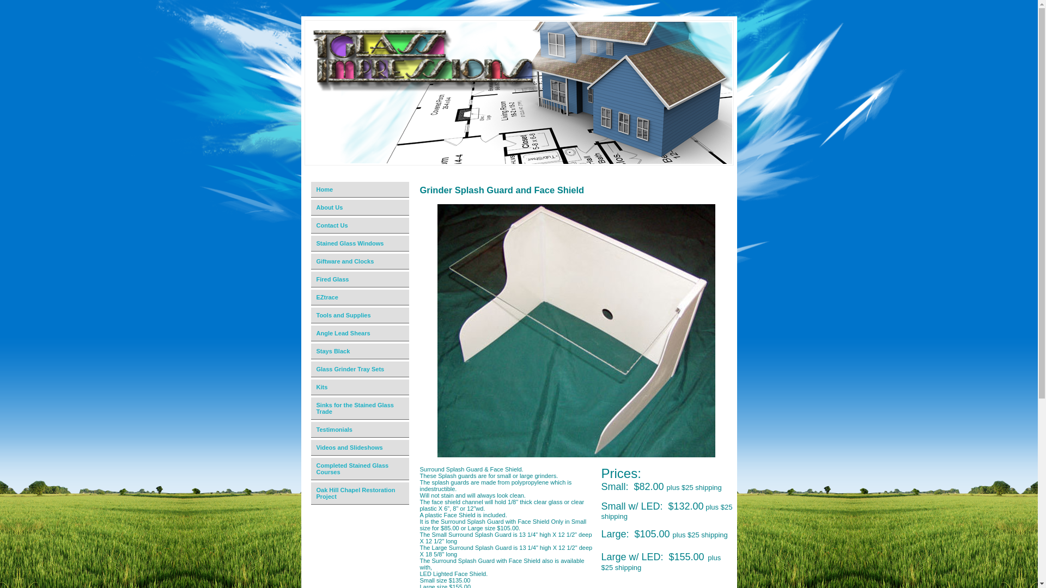 The image size is (1046, 588). What do you see at coordinates (361, 333) in the screenshot?
I see `'Angle Lead Shears'` at bounding box center [361, 333].